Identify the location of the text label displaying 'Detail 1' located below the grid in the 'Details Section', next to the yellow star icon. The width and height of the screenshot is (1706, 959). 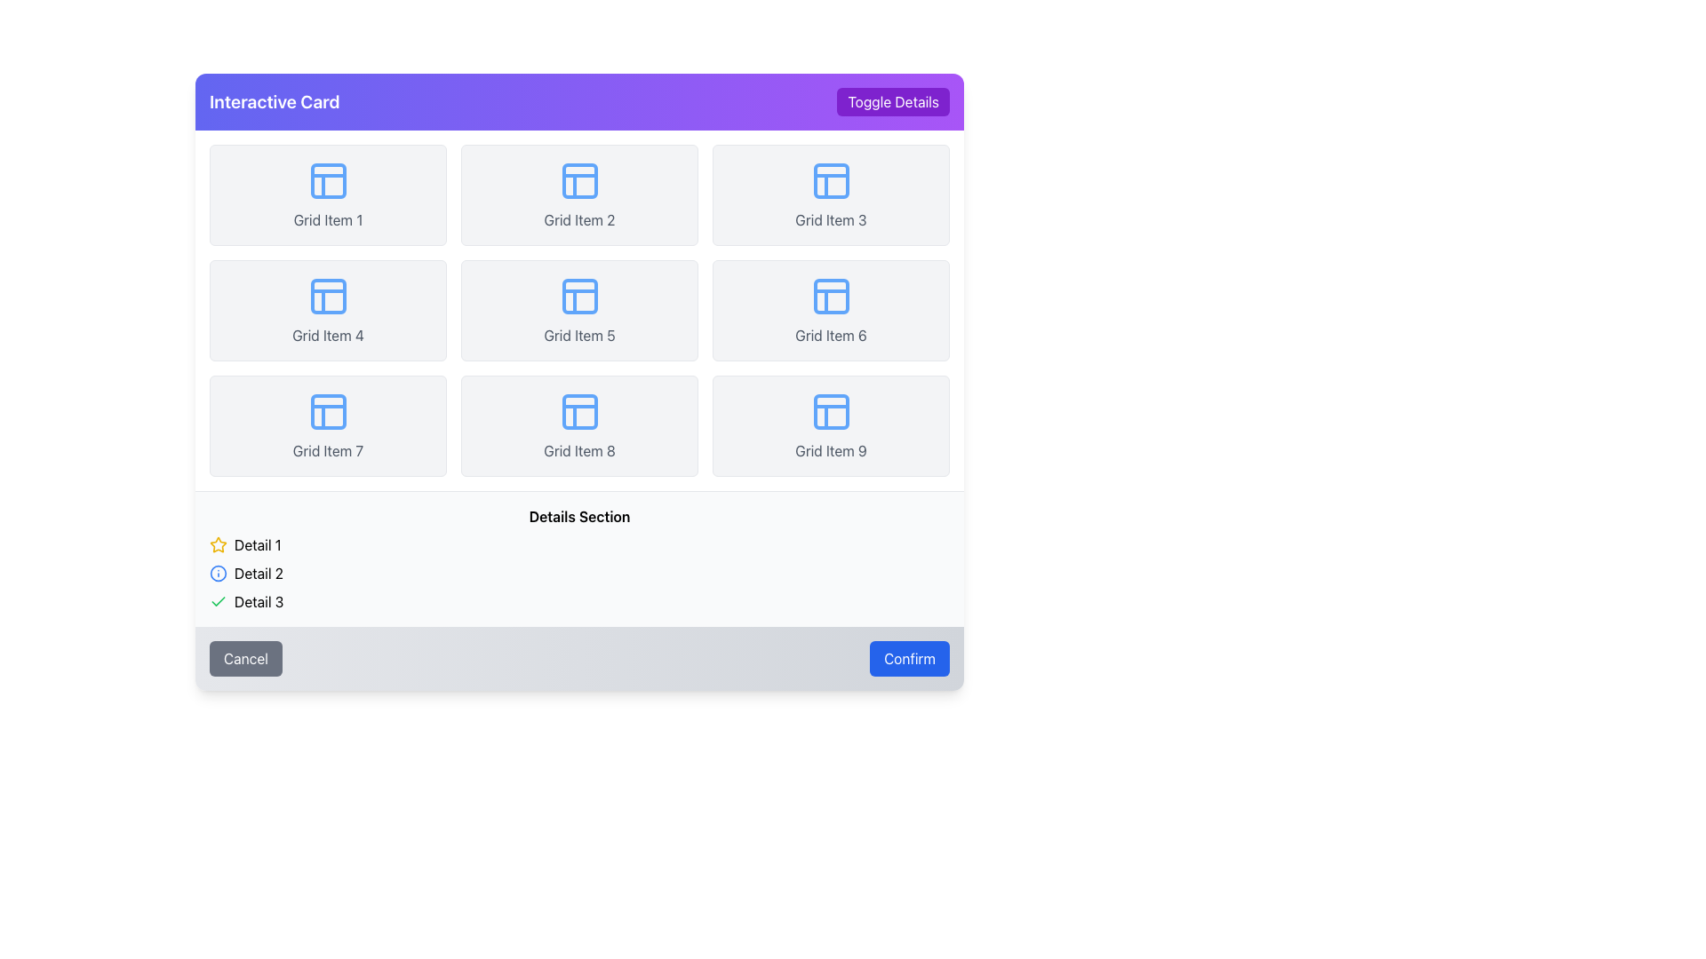
(257, 543).